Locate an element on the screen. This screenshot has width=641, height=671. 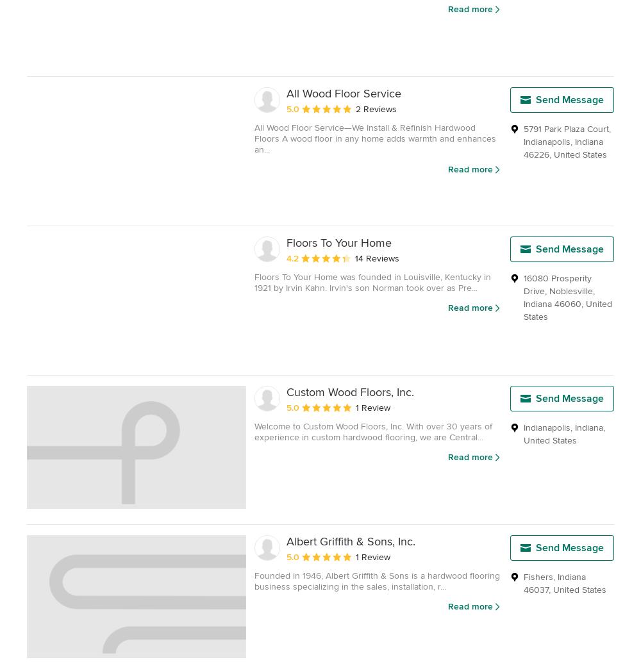
'Albert Griffith & Sons, Inc.' is located at coordinates (351, 540).